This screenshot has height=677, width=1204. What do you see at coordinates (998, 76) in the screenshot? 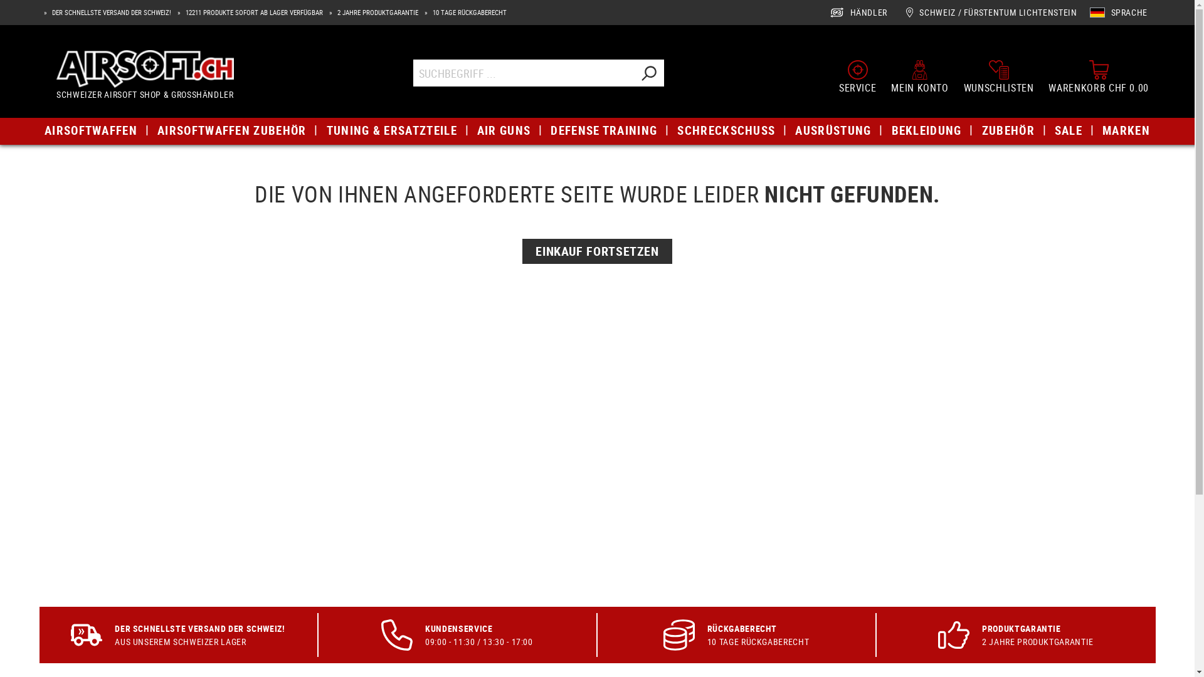
I see `'WUNSCHLISTEN'` at bounding box center [998, 76].